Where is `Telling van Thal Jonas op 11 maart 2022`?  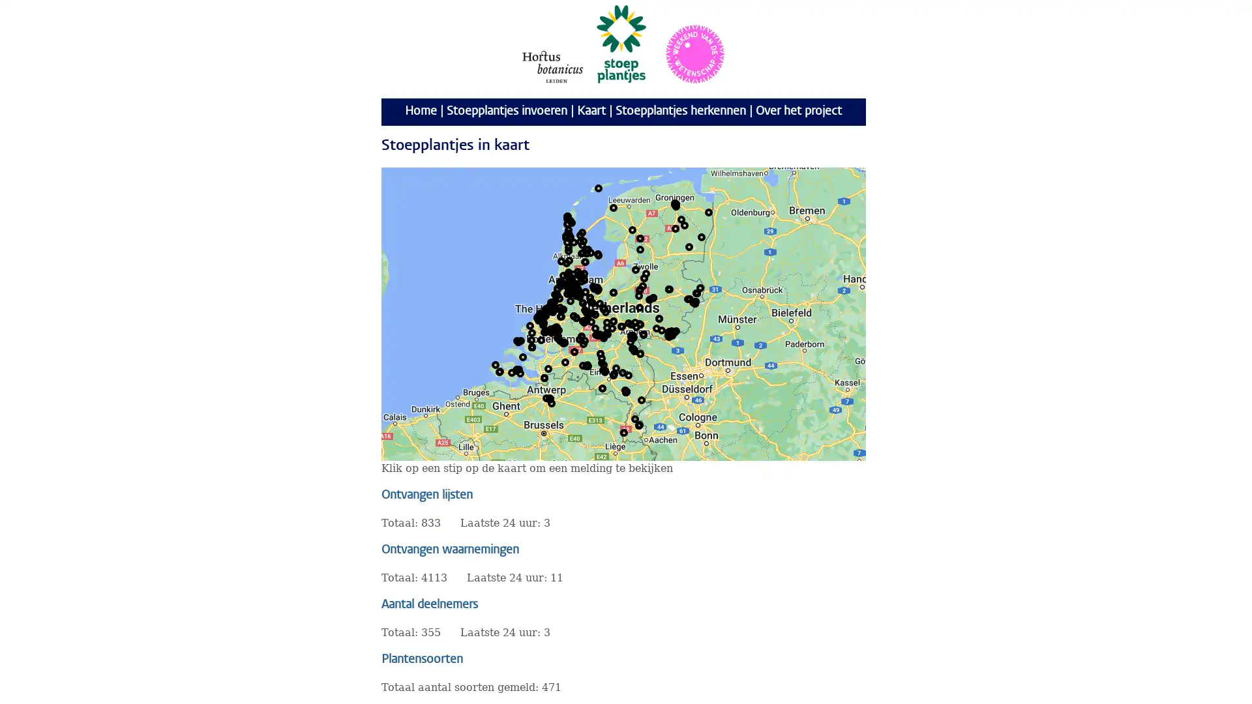 Telling van Thal Jonas op 11 maart 2022 is located at coordinates (550, 308).